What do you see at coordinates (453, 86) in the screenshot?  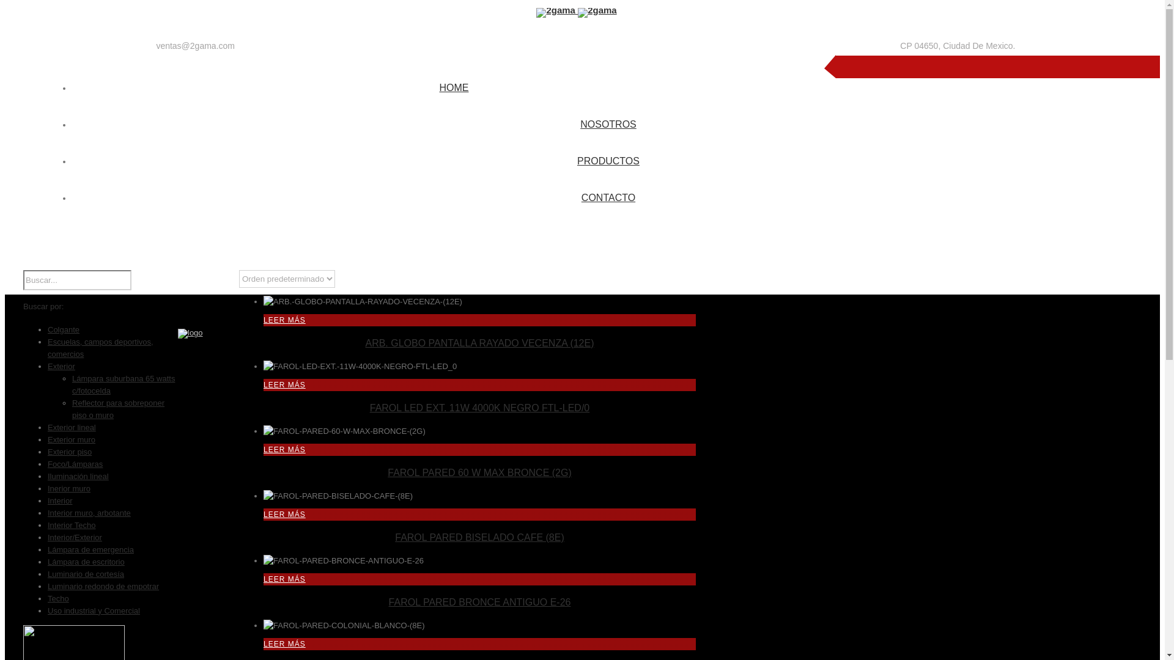 I see `'HOME'` at bounding box center [453, 86].